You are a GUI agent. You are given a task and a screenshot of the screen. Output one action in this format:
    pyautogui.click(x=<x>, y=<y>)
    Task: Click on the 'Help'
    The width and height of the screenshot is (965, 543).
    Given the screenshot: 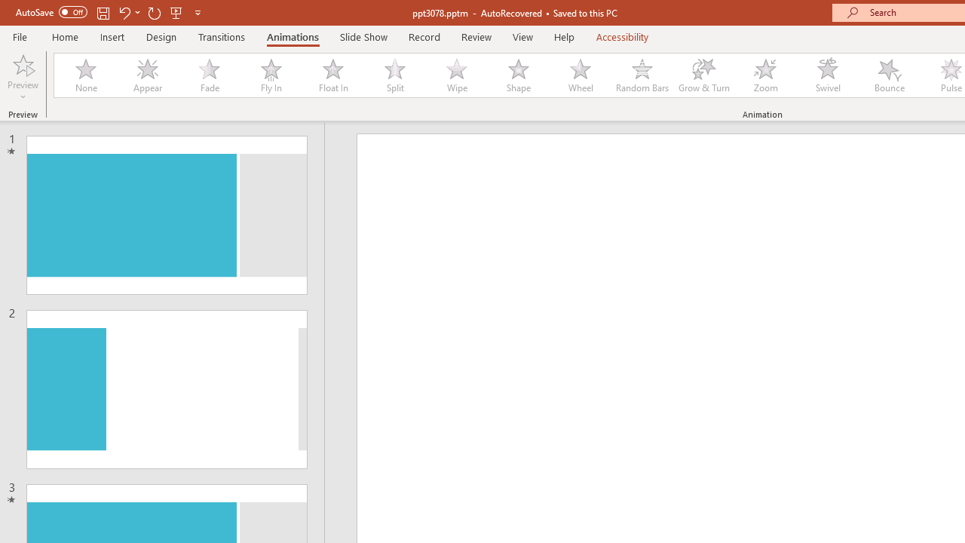 What is the action you would take?
    pyautogui.click(x=563, y=36)
    